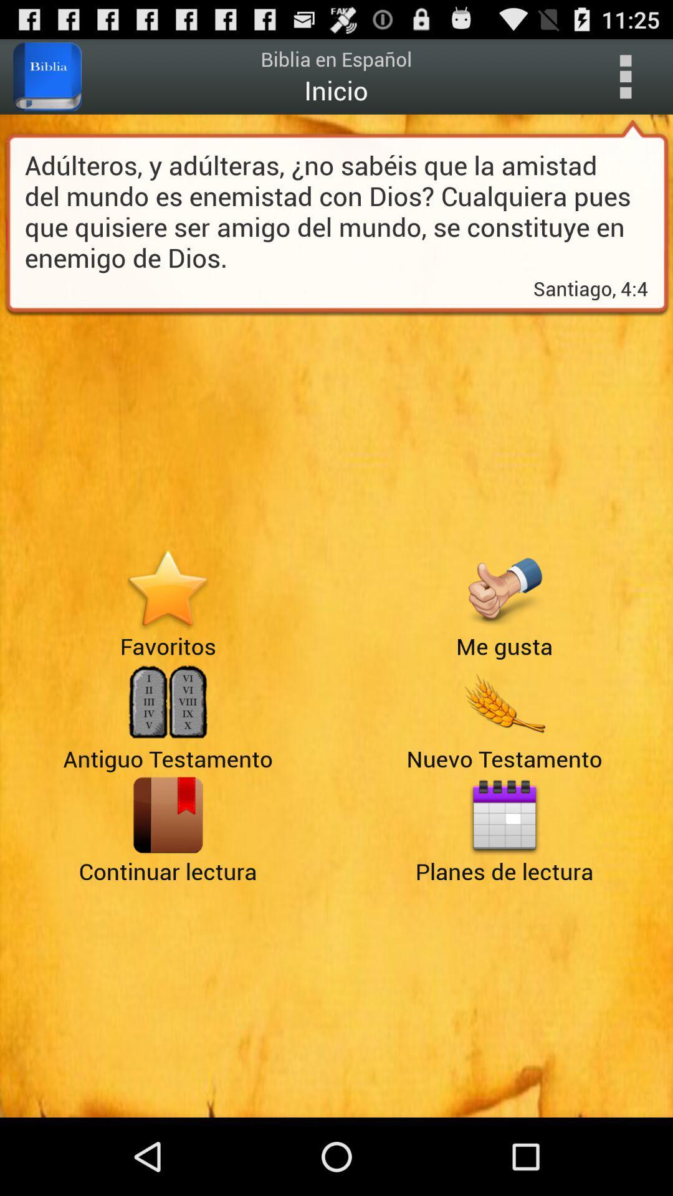 This screenshot has width=673, height=1196. What do you see at coordinates (167, 815) in the screenshot?
I see `app next to nuevo testamento icon` at bounding box center [167, 815].